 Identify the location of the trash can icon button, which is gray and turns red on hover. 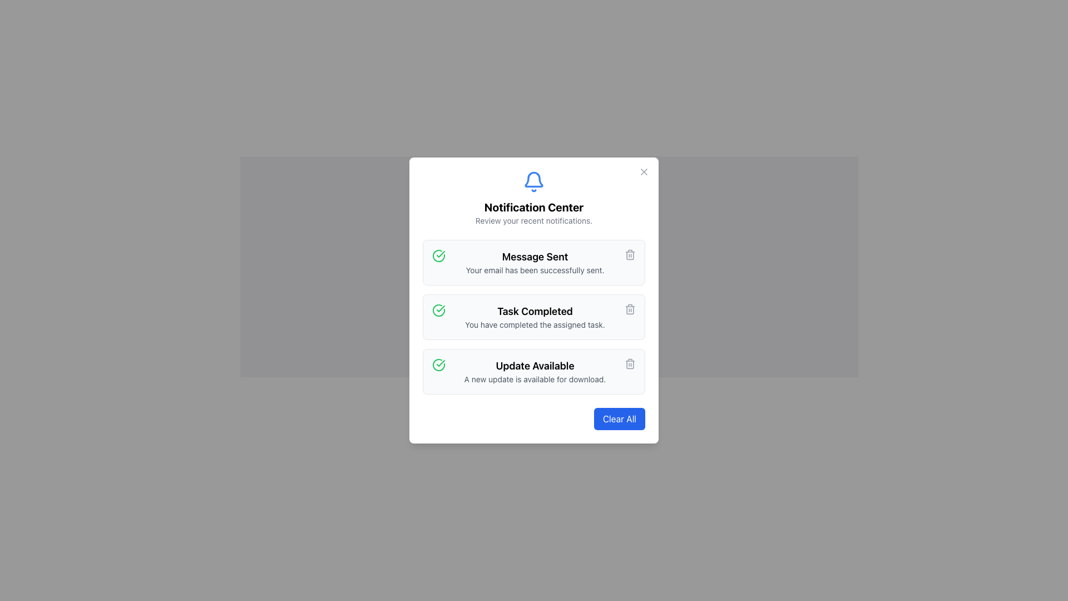
(630, 309).